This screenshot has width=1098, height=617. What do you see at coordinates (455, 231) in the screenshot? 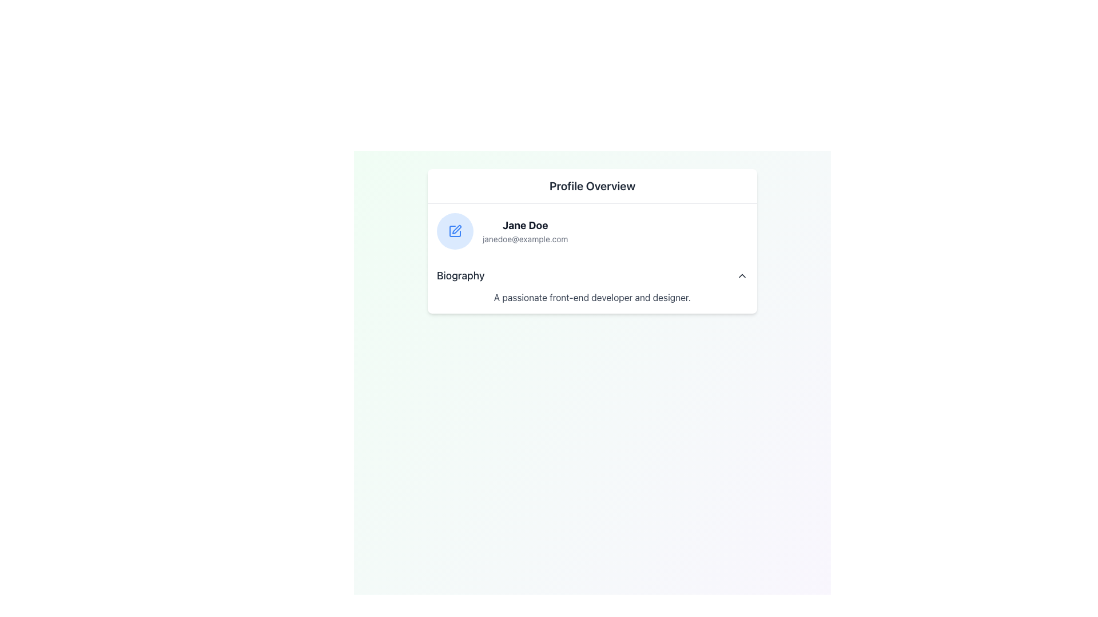
I see `the light blue circular icon with a blue pen in the center located in the top left of the Profile Overview section` at bounding box center [455, 231].